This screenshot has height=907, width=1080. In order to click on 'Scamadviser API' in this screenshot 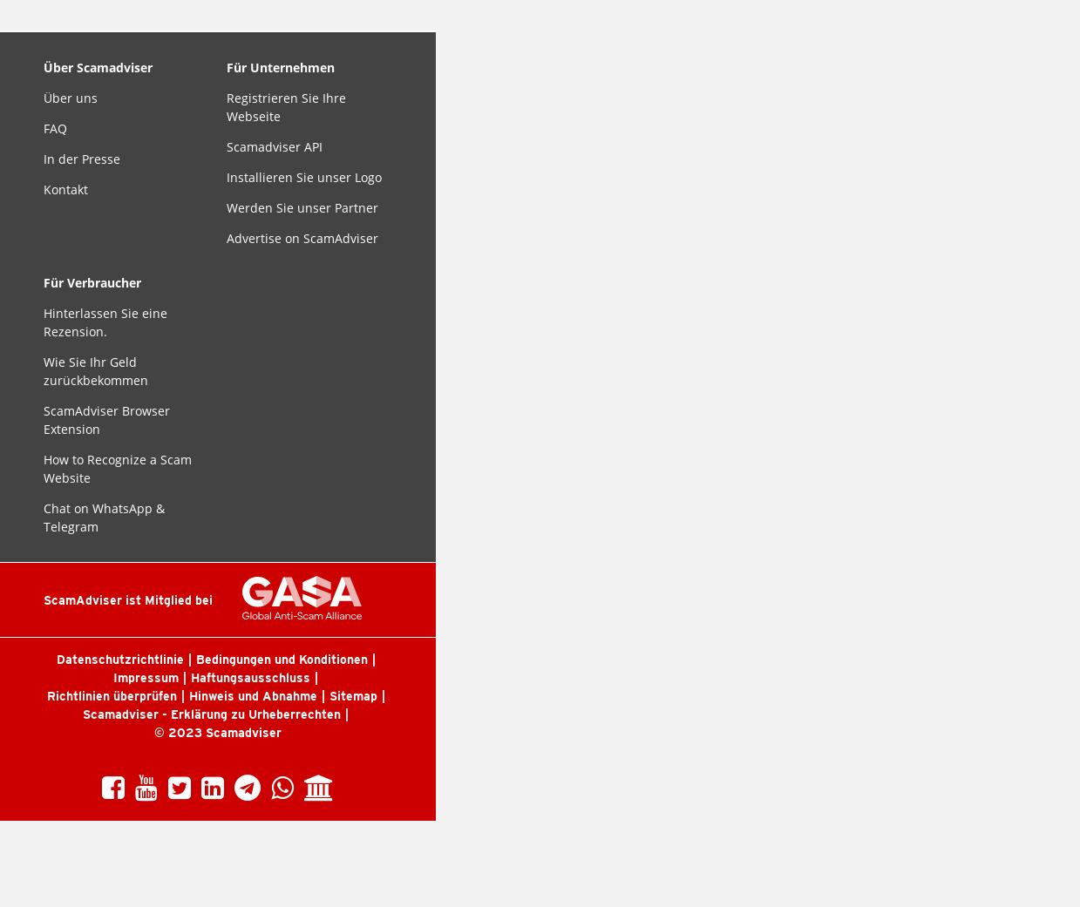, I will do `click(274, 146)`.